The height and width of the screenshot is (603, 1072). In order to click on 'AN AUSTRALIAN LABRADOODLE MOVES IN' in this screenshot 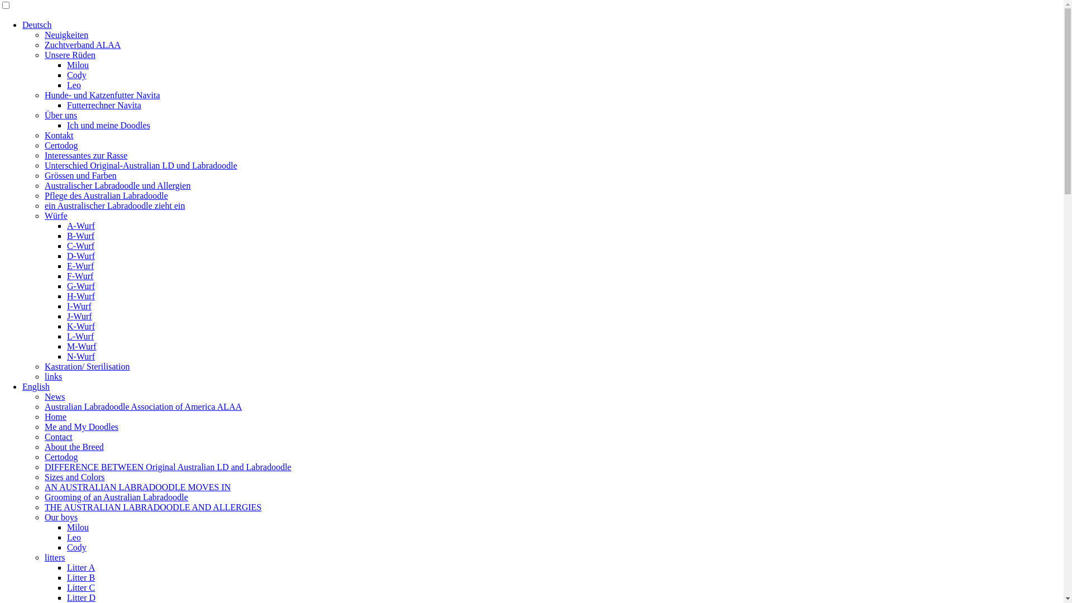, I will do `click(137, 486)`.